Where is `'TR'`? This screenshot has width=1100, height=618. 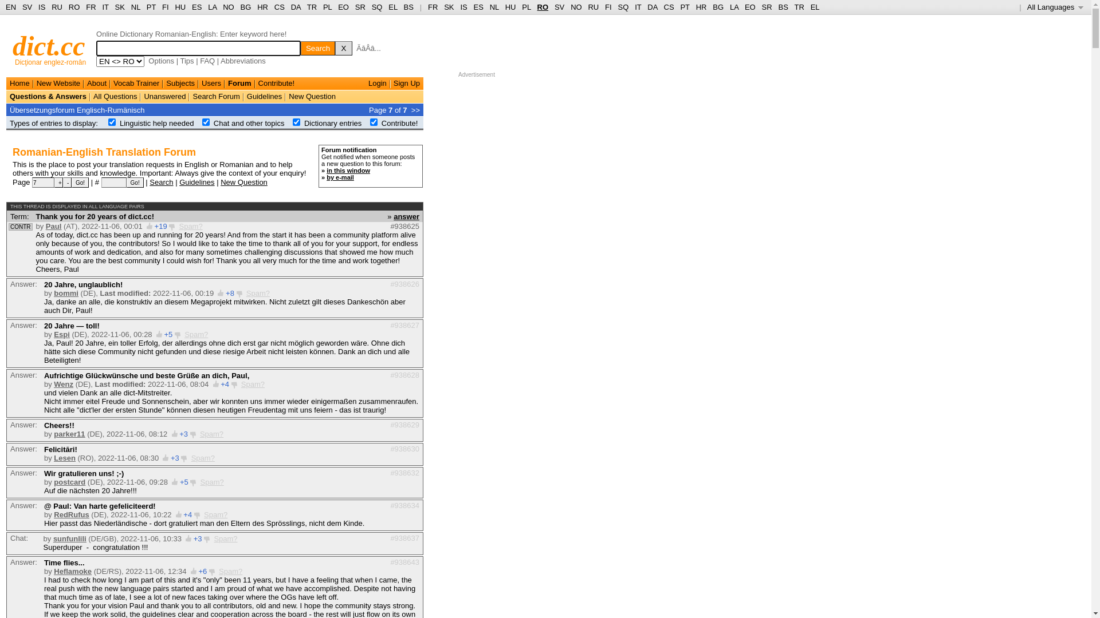 'TR' is located at coordinates (307, 7).